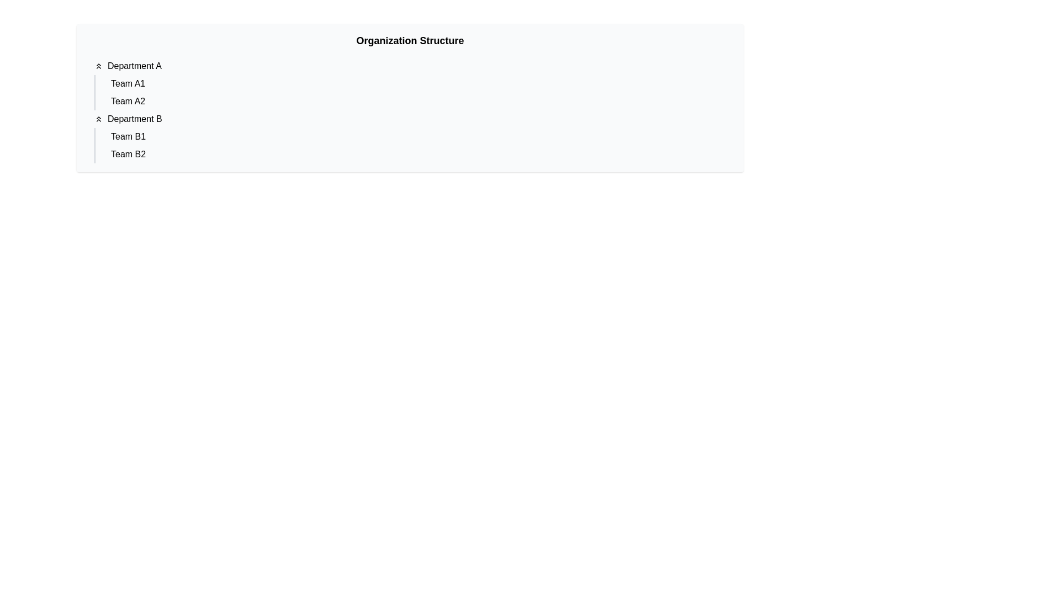 The width and height of the screenshot is (1060, 596). Describe the element at coordinates (128, 155) in the screenshot. I see `the textual label 'Team B2' which is styled in a standard sans-serif font, located under 'Department B' in the organizational structure view` at that location.